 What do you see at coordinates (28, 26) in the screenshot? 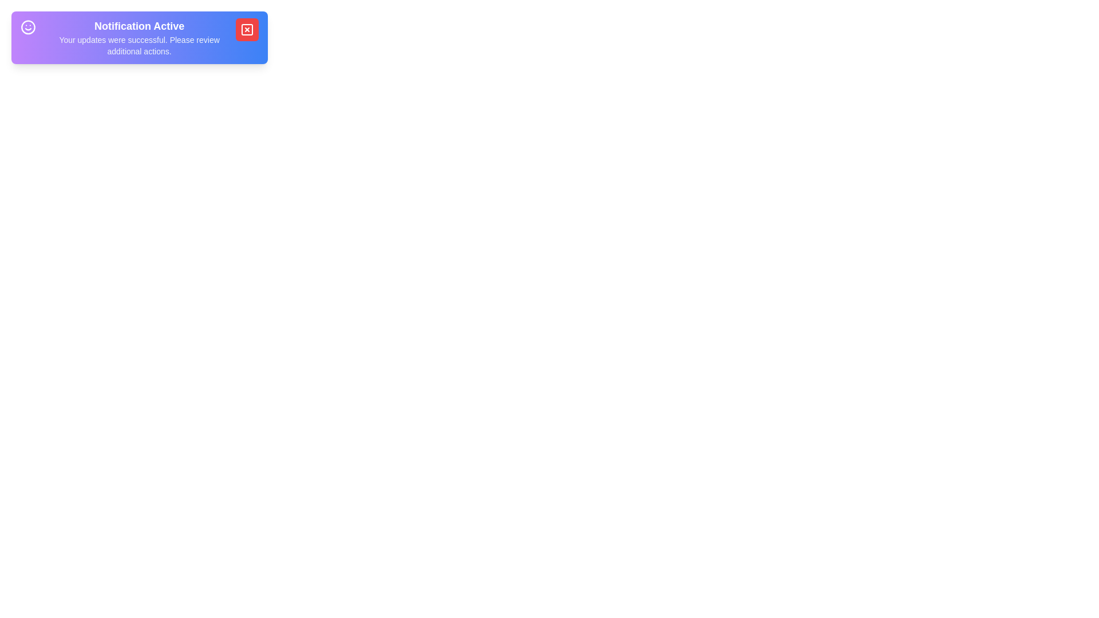
I see `the smiley face icon to interact with the notification` at bounding box center [28, 26].